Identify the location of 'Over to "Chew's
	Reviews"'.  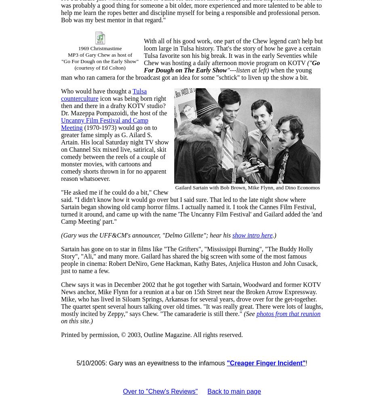
(160, 391).